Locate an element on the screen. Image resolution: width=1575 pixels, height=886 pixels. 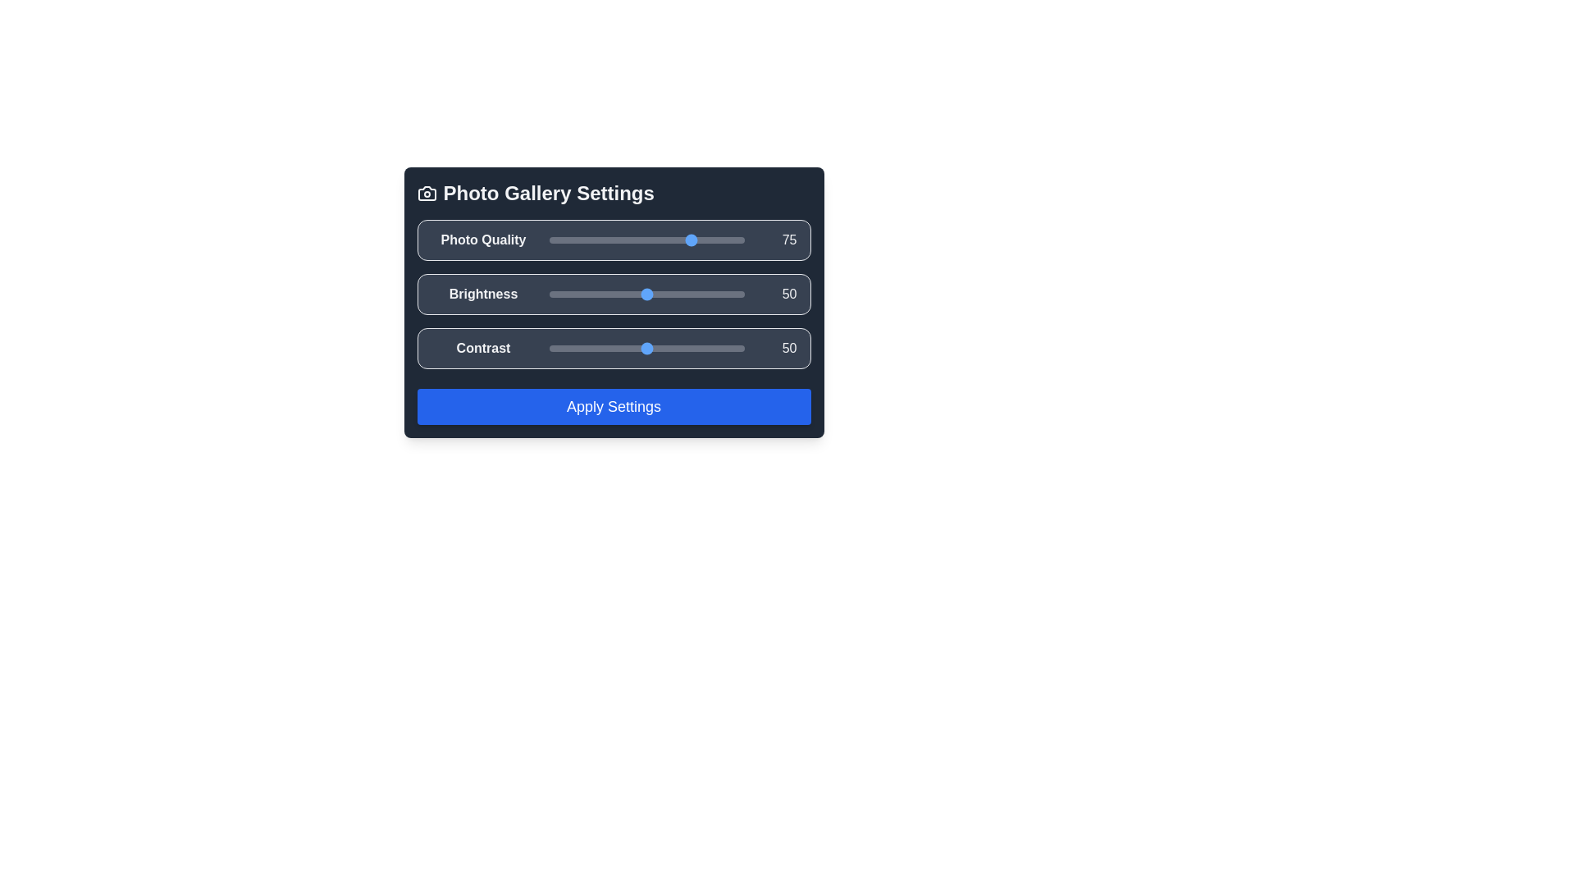
the contrast is located at coordinates (687, 347).